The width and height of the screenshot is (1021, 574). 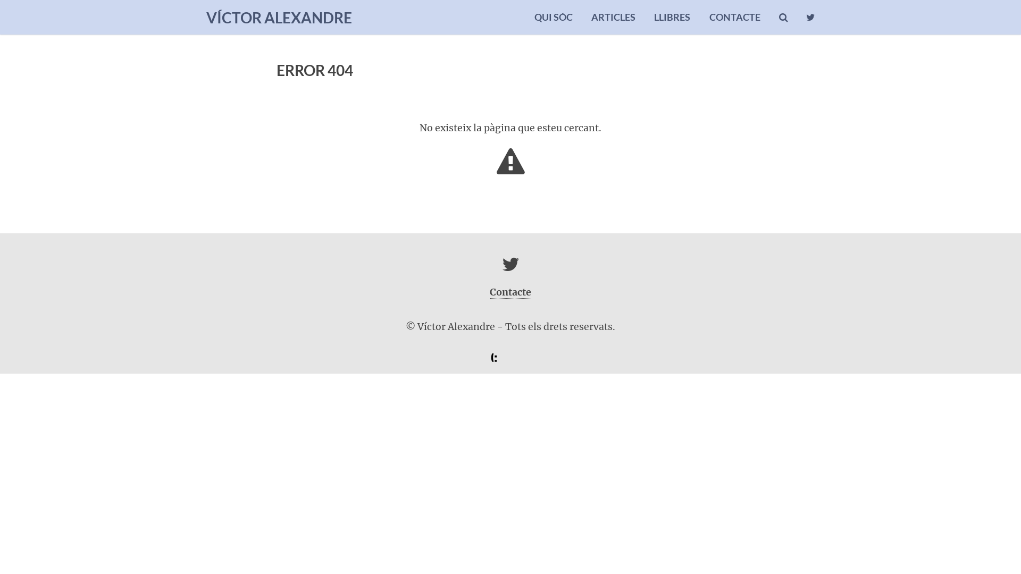 I want to click on 'LLIBRES', so click(x=653, y=17).